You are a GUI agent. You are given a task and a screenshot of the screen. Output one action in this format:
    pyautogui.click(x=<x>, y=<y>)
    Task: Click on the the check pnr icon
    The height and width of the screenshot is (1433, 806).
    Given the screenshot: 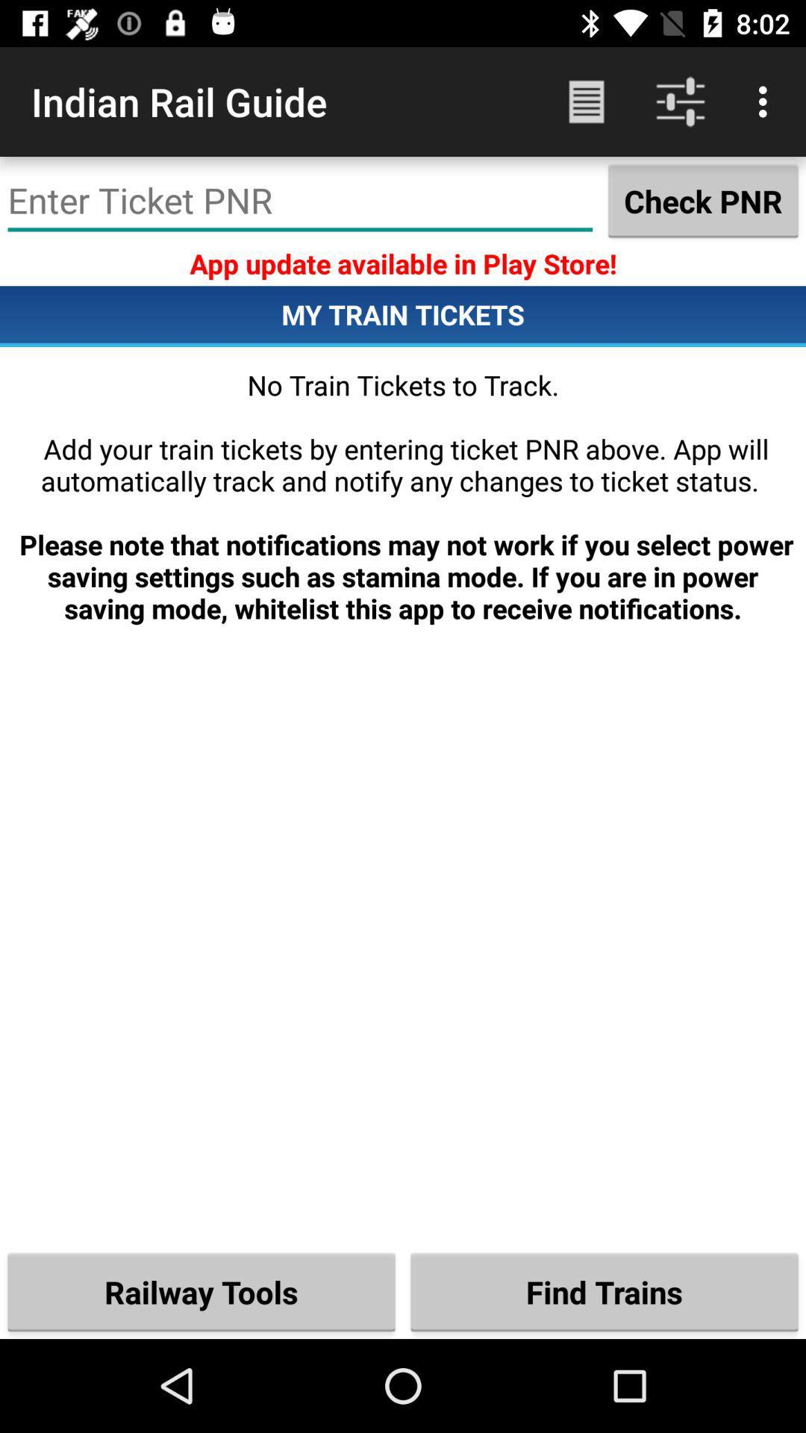 What is the action you would take?
    pyautogui.click(x=703, y=200)
    